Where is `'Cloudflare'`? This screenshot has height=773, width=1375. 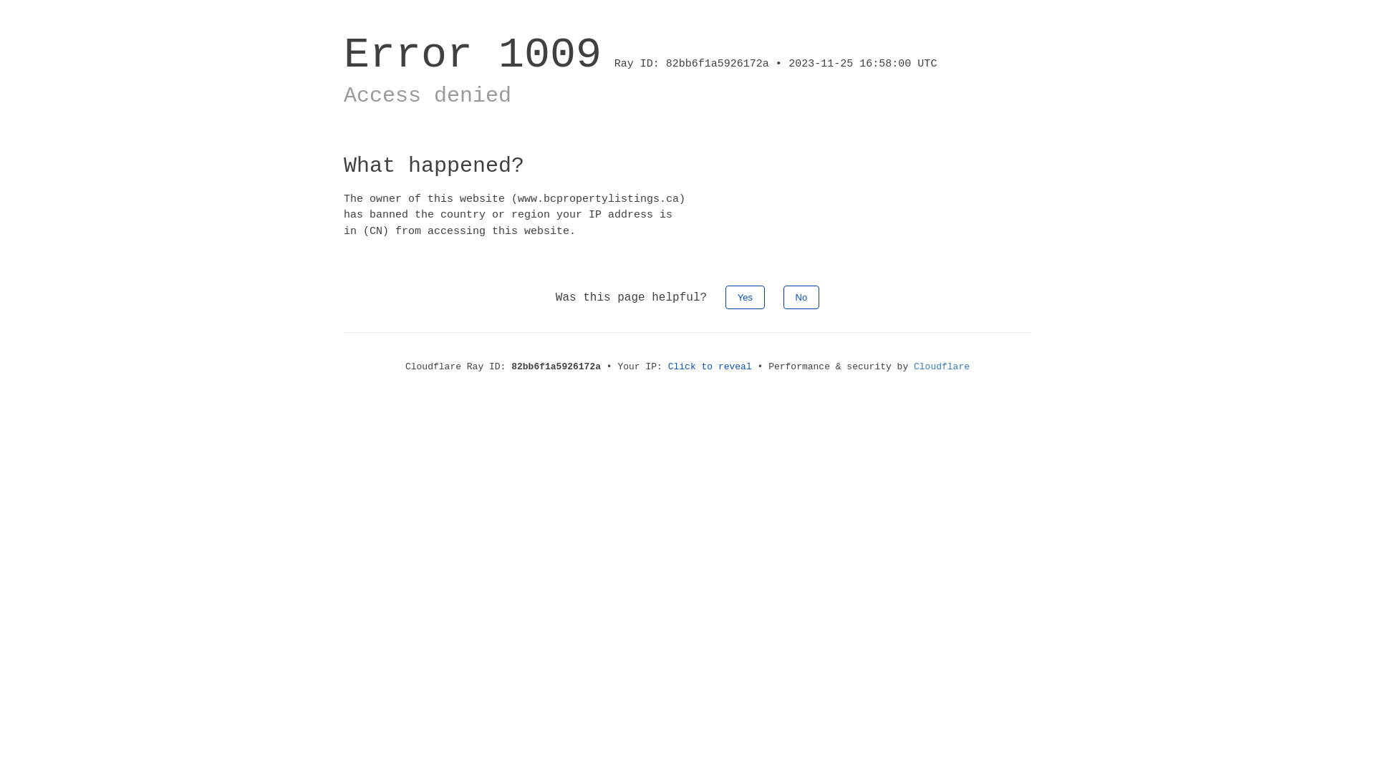
'Cloudflare' is located at coordinates (942, 366).